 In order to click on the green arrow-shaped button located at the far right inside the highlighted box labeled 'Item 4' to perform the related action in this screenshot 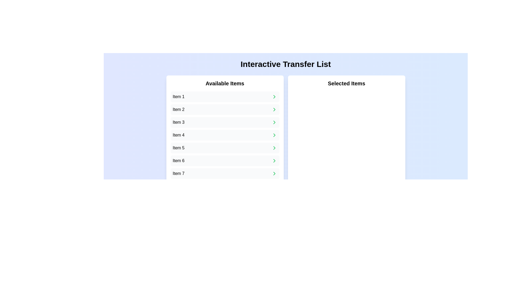, I will do `click(274, 135)`.